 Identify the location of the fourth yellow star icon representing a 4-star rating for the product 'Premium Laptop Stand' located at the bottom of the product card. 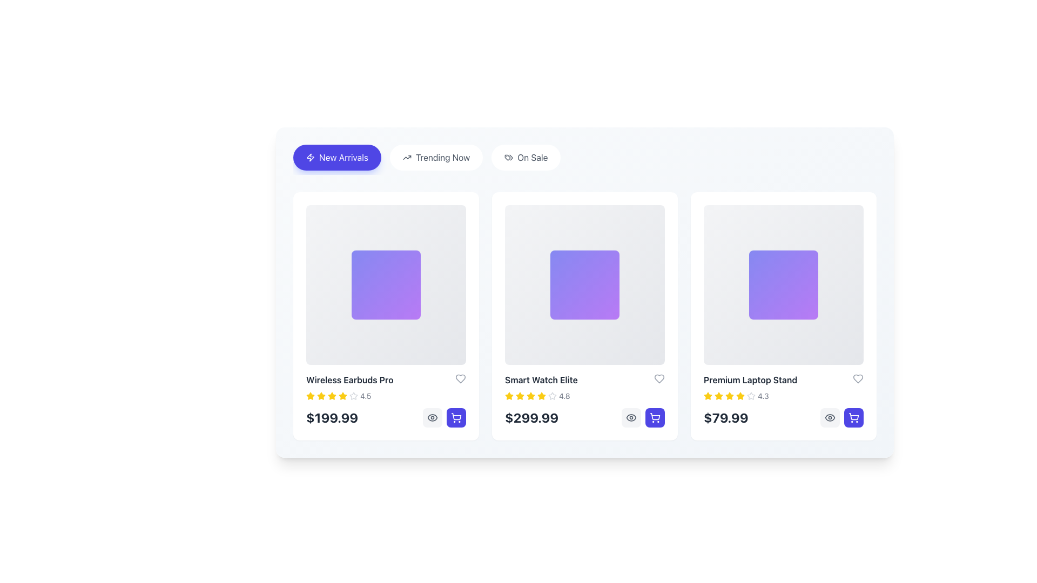
(729, 396).